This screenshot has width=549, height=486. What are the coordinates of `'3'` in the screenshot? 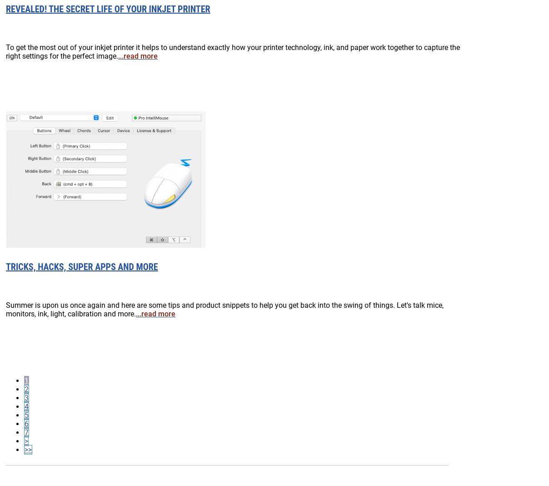 It's located at (24, 397).